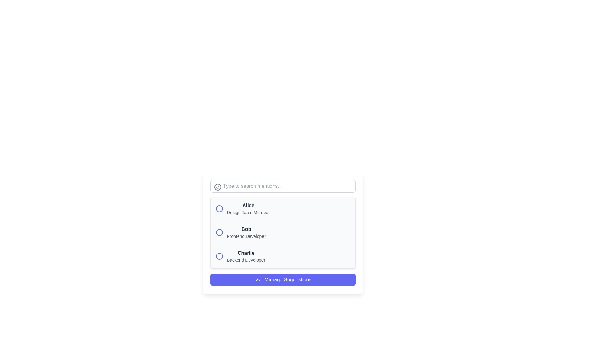 The width and height of the screenshot is (601, 338). I want to click on the circular border of the smiley face icon located inside the search bar at the top of the suggestion box, so click(218, 187).